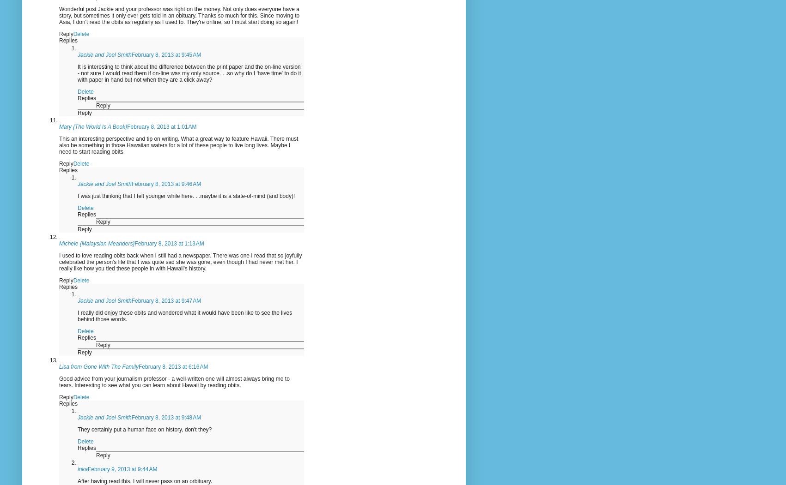  Describe the element at coordinates (145, 481) in the screenshot. I see `'After having read this, I will never pass on an orbituary.'` at that location.